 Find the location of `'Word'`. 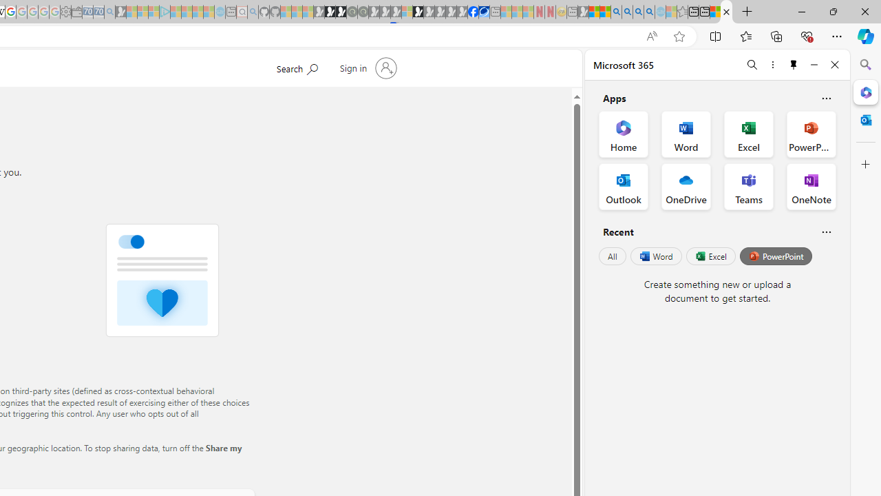

'Word' is located at coordinates (655, 256).